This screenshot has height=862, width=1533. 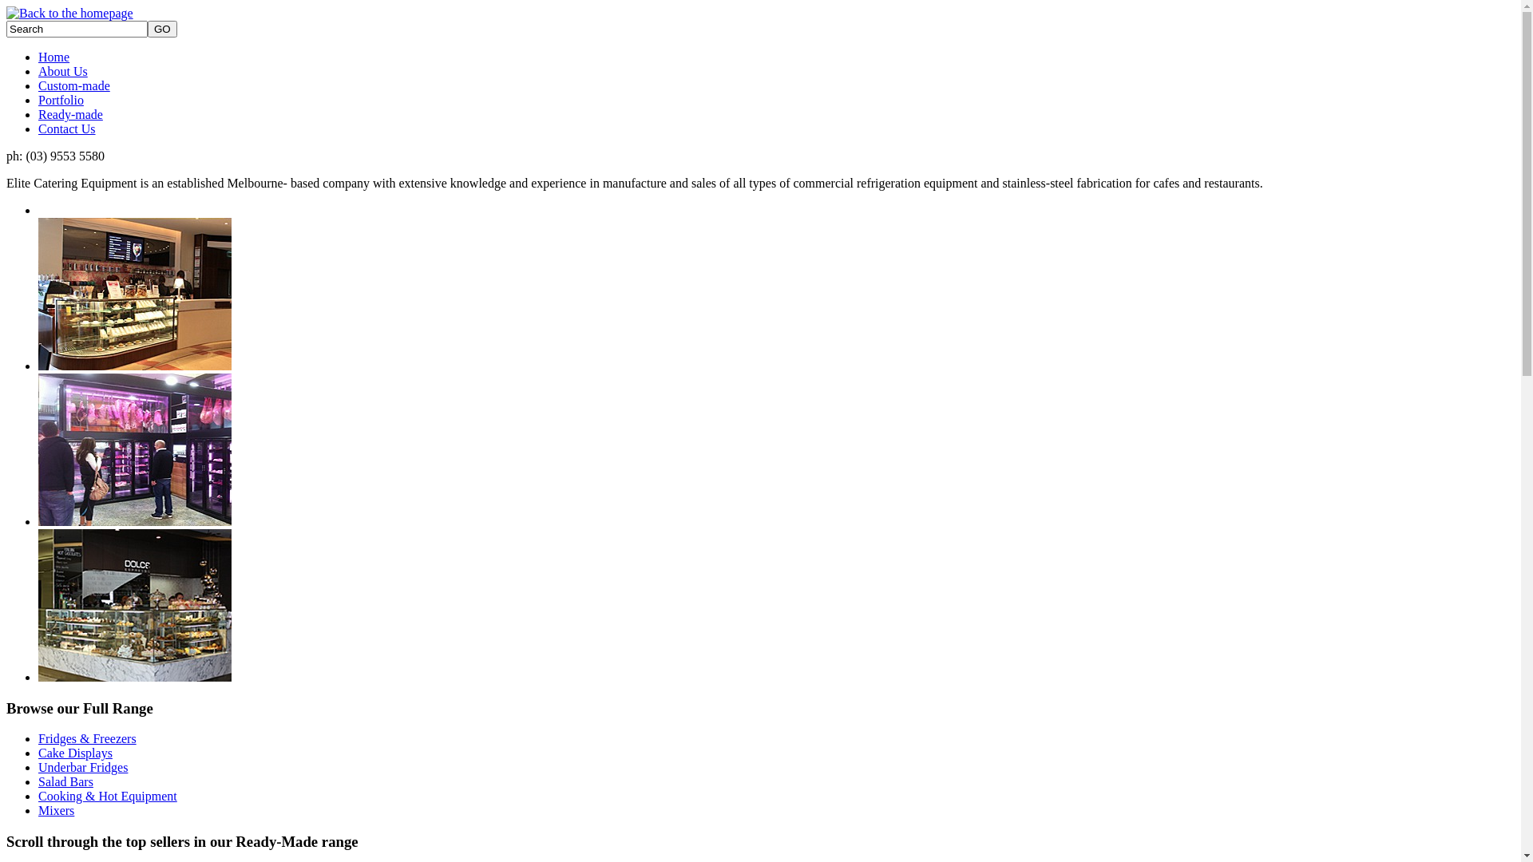 I want to click on 'Contact Us', so click(x=38, y=128).